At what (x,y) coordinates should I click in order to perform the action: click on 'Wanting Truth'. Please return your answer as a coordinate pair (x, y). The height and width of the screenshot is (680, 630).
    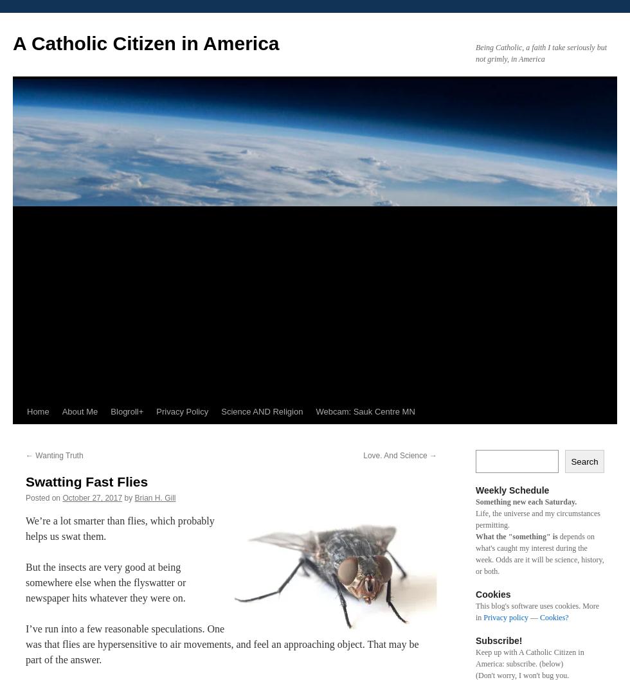
    Looking at the image, I should click on (58, 455).